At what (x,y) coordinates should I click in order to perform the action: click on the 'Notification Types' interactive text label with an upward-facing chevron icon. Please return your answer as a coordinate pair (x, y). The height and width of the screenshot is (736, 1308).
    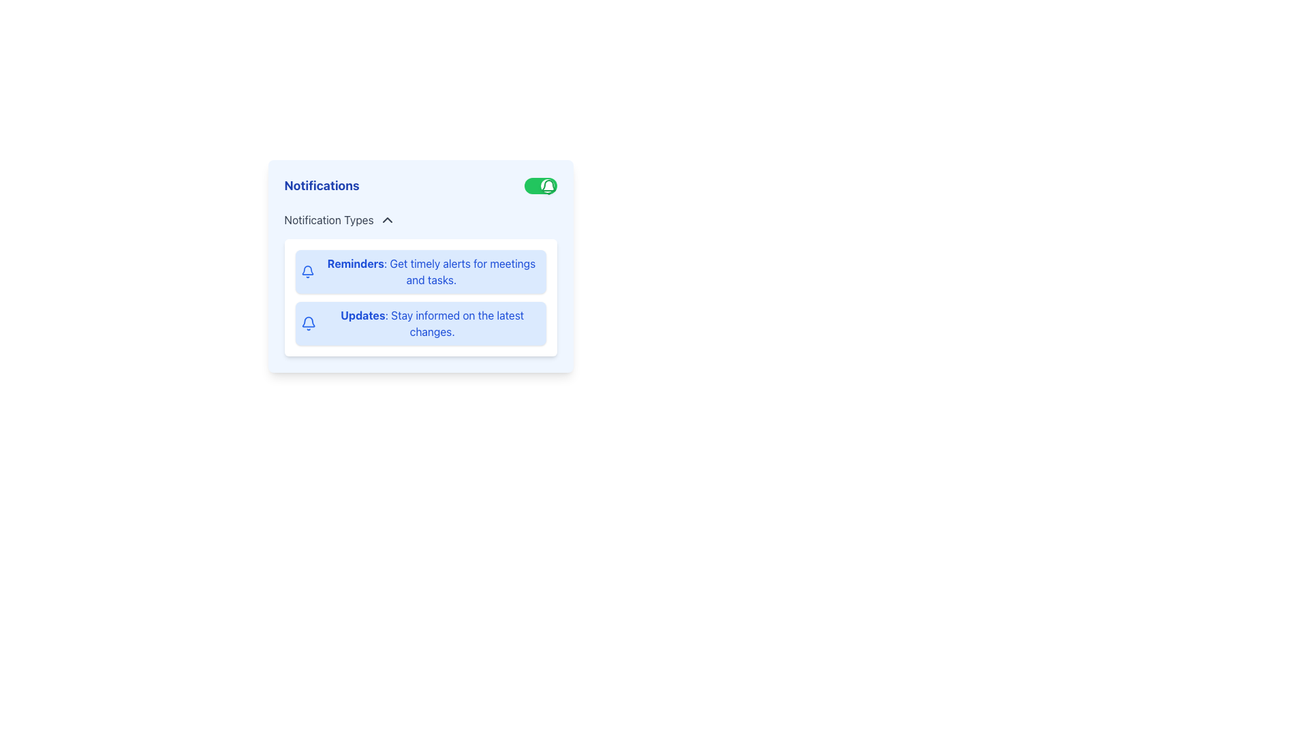
    Looking at the image, I should click on (340, 219).